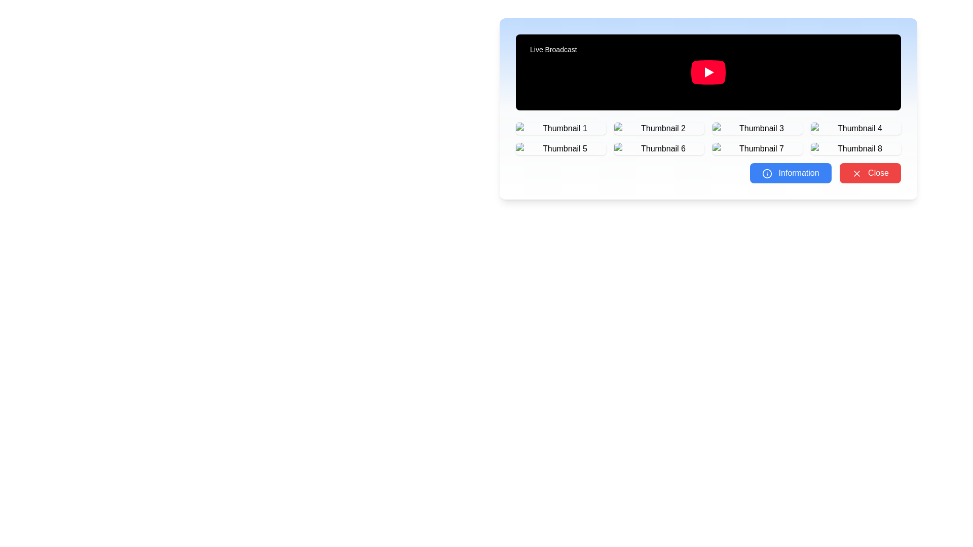 Image resolution: width=973 pixels, height=547 pixels. What do you see at coordinates (757, 148) in the screenshot?
I see `the image thumbnail located in the second row, third column of the grid layout` at bounding box center [757, 148].